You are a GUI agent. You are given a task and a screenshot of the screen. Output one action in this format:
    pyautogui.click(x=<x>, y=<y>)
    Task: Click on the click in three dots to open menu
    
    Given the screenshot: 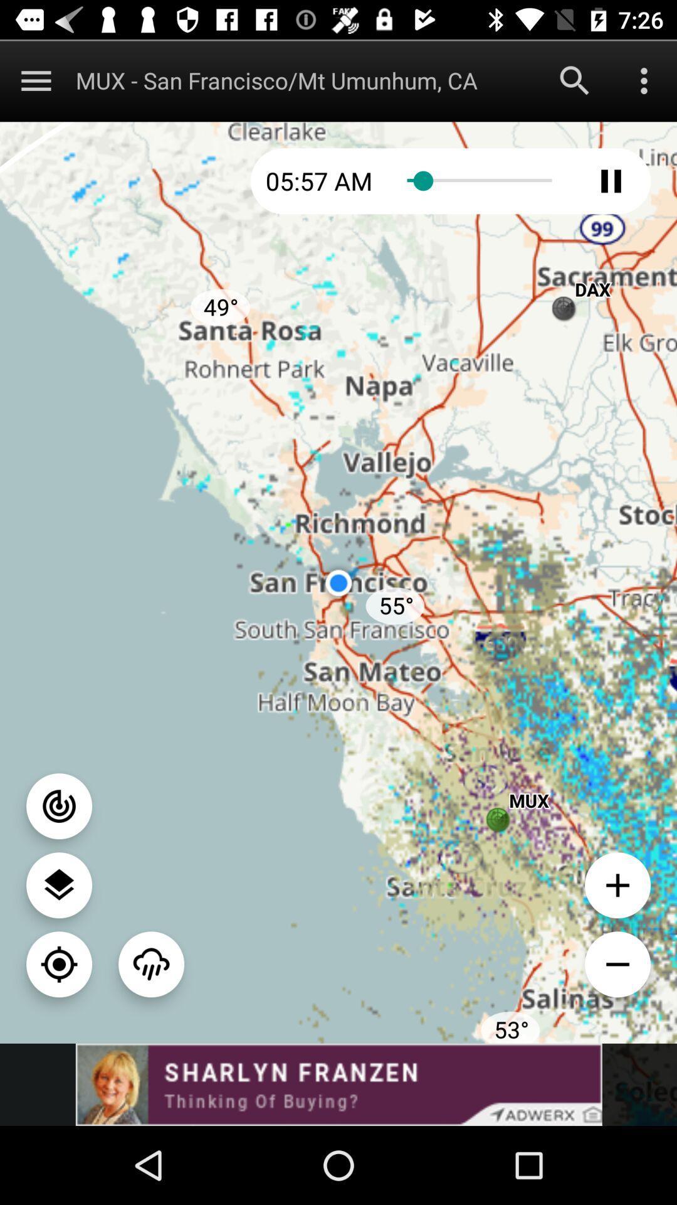 What is the action you would take?
    pyautogui.click(x=644, y=80)
    